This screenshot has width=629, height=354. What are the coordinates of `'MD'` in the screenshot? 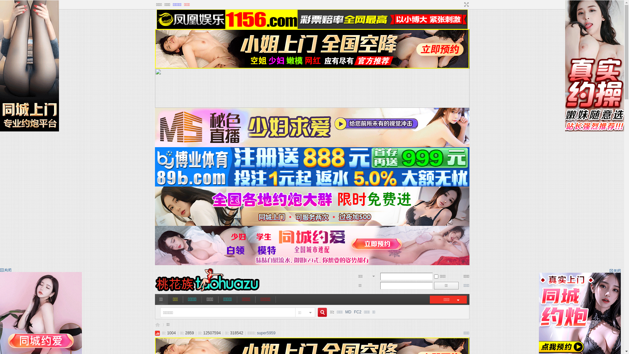 It's located at (348, 312).